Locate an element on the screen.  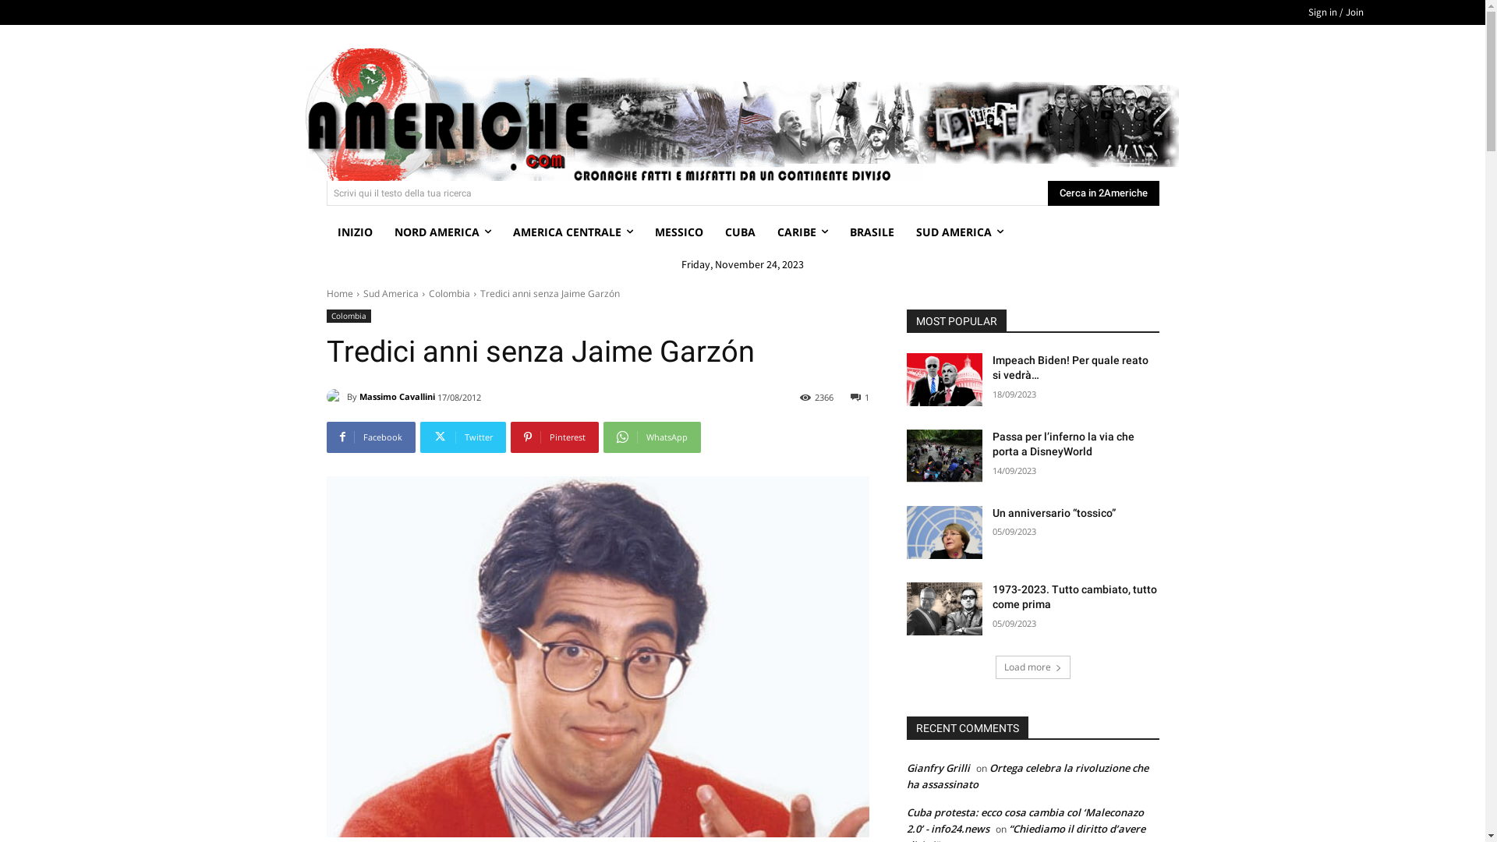
'Colombia' is located at coordinates (448, 293).